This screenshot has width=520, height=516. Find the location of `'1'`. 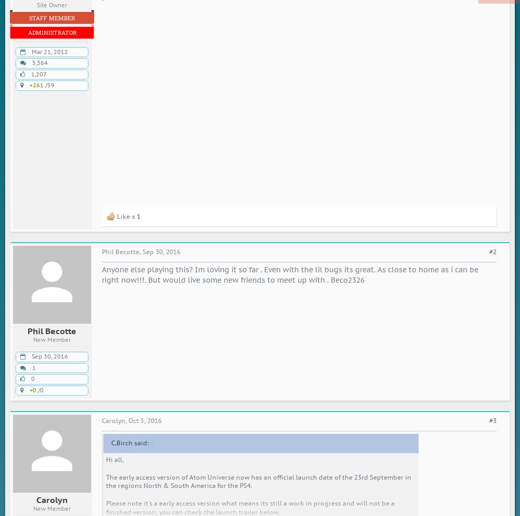

'1' is located at coordinates (33, 367).